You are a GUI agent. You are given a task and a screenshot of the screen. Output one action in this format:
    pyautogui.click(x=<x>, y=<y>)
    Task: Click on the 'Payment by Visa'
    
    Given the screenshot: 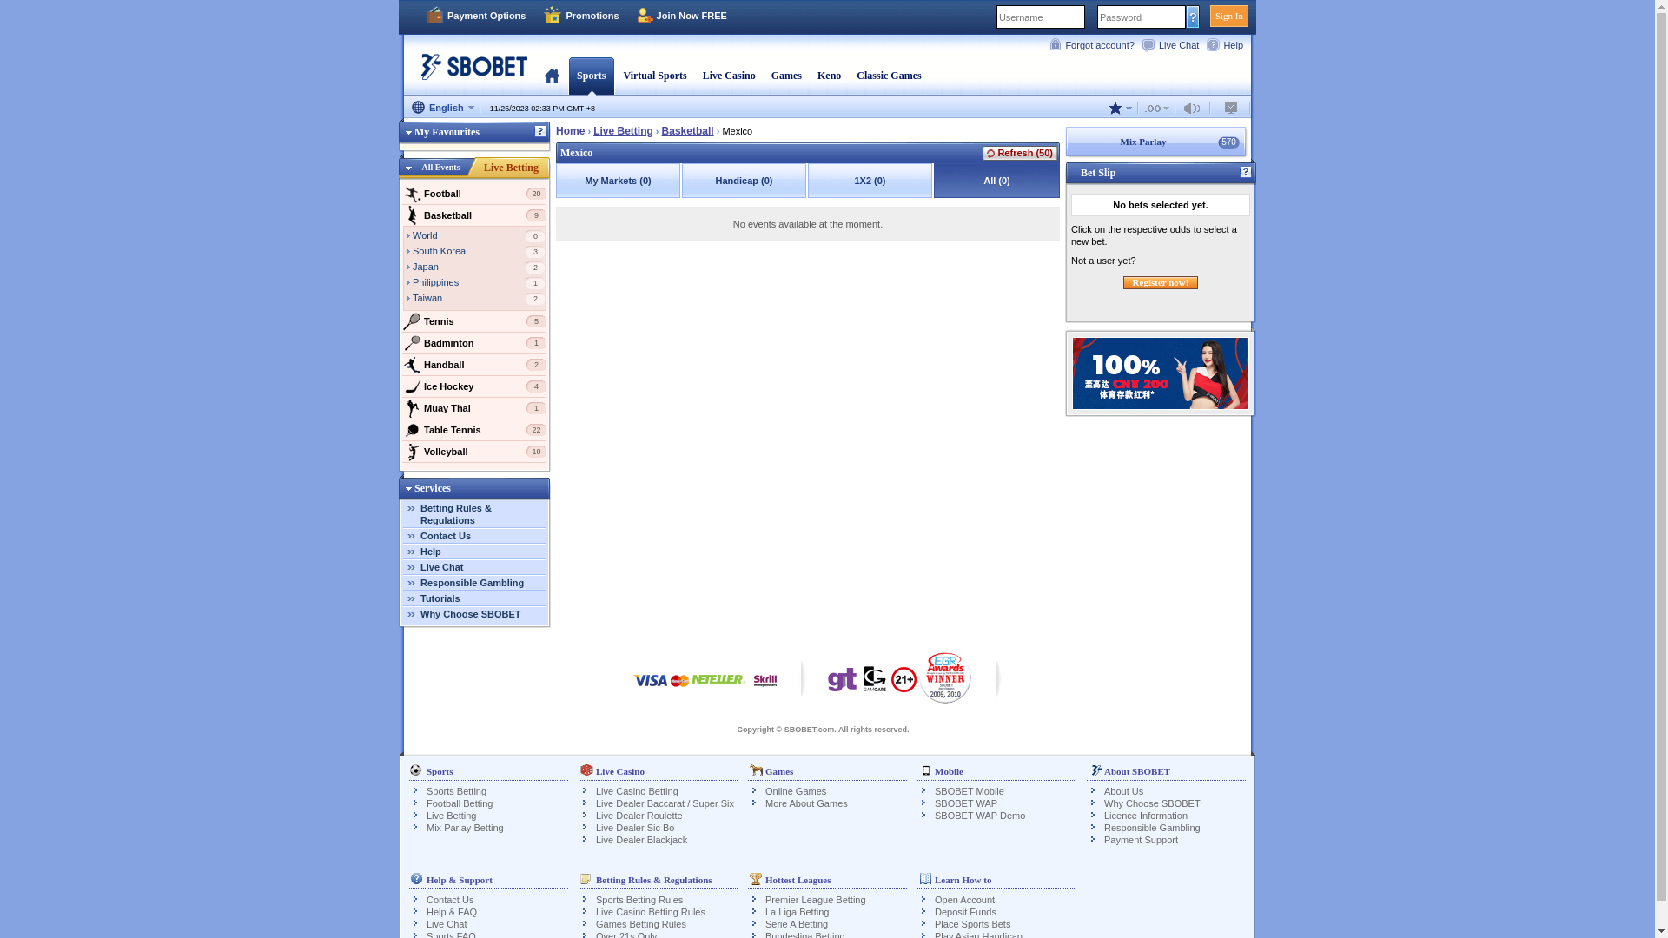 What is the action you would take?
    pyautogui.click(x=649, y=688)
    